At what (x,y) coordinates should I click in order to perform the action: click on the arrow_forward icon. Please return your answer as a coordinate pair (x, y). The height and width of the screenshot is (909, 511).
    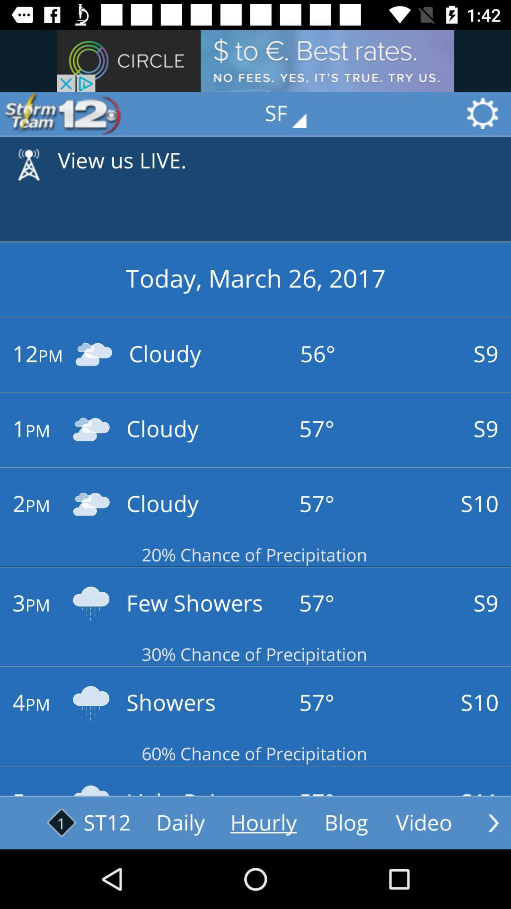
    Looking at the image, I should click on (493, 822).